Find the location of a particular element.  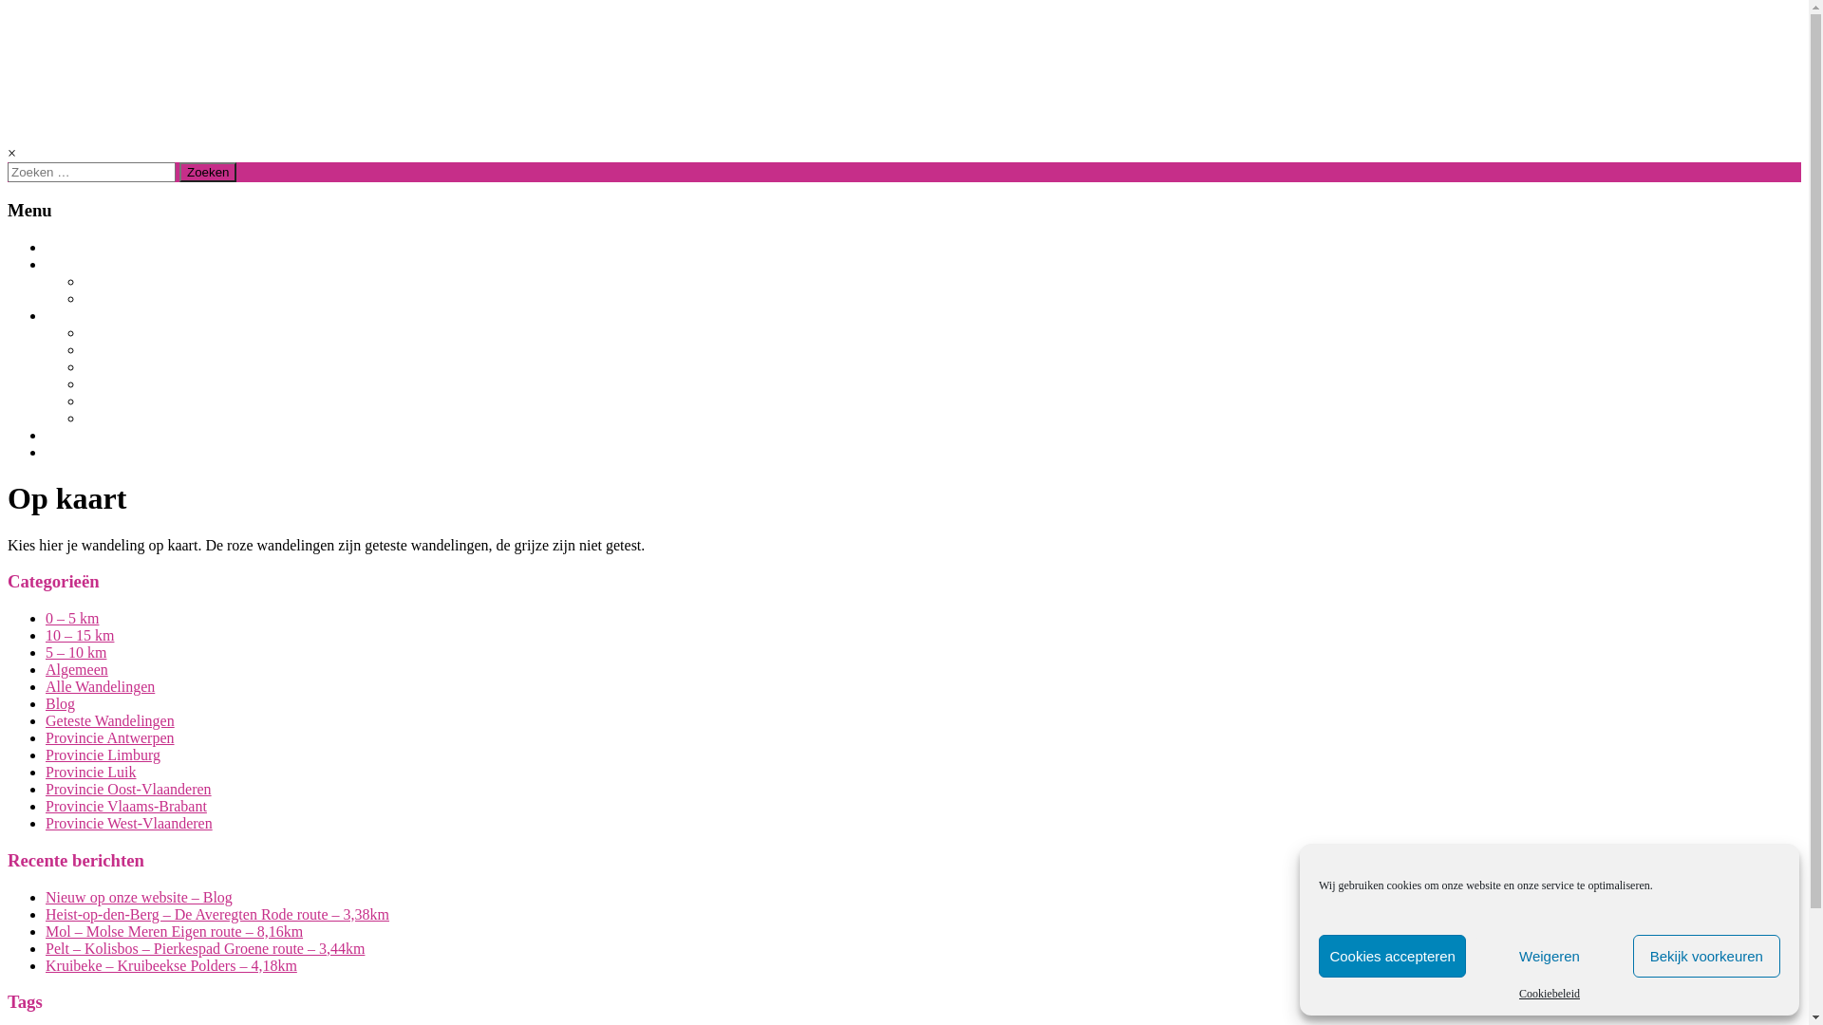

'PROVINCIE LUIK' is located at coordinates (136, 417).